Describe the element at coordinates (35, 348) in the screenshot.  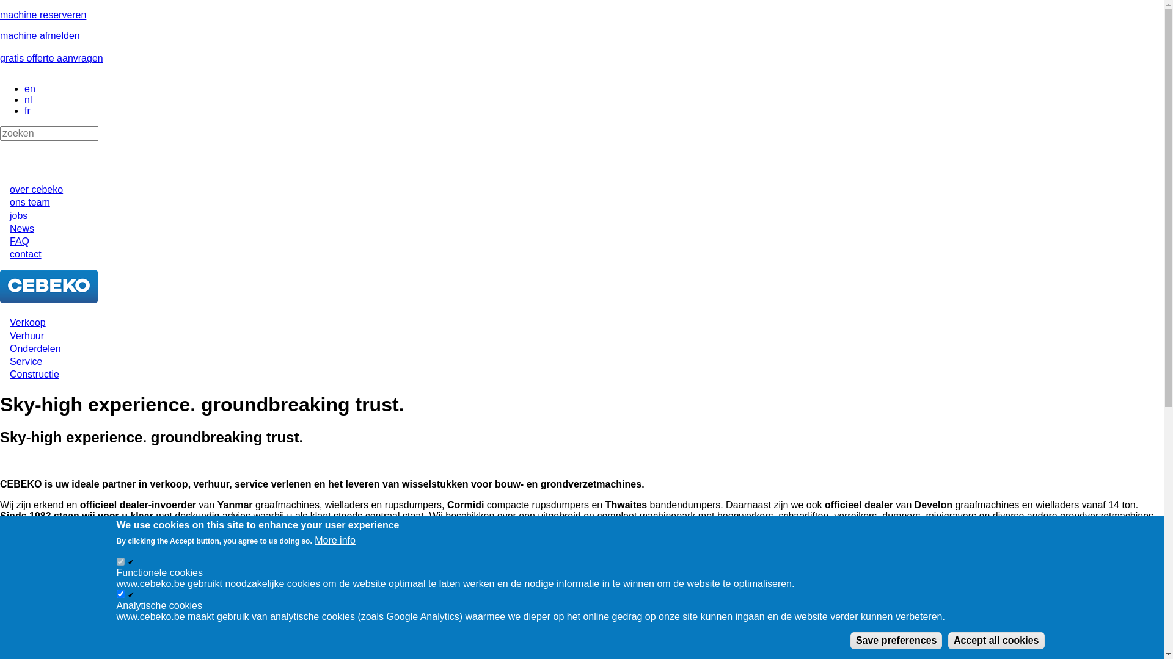
I see `'Onderdelen'` at that location.